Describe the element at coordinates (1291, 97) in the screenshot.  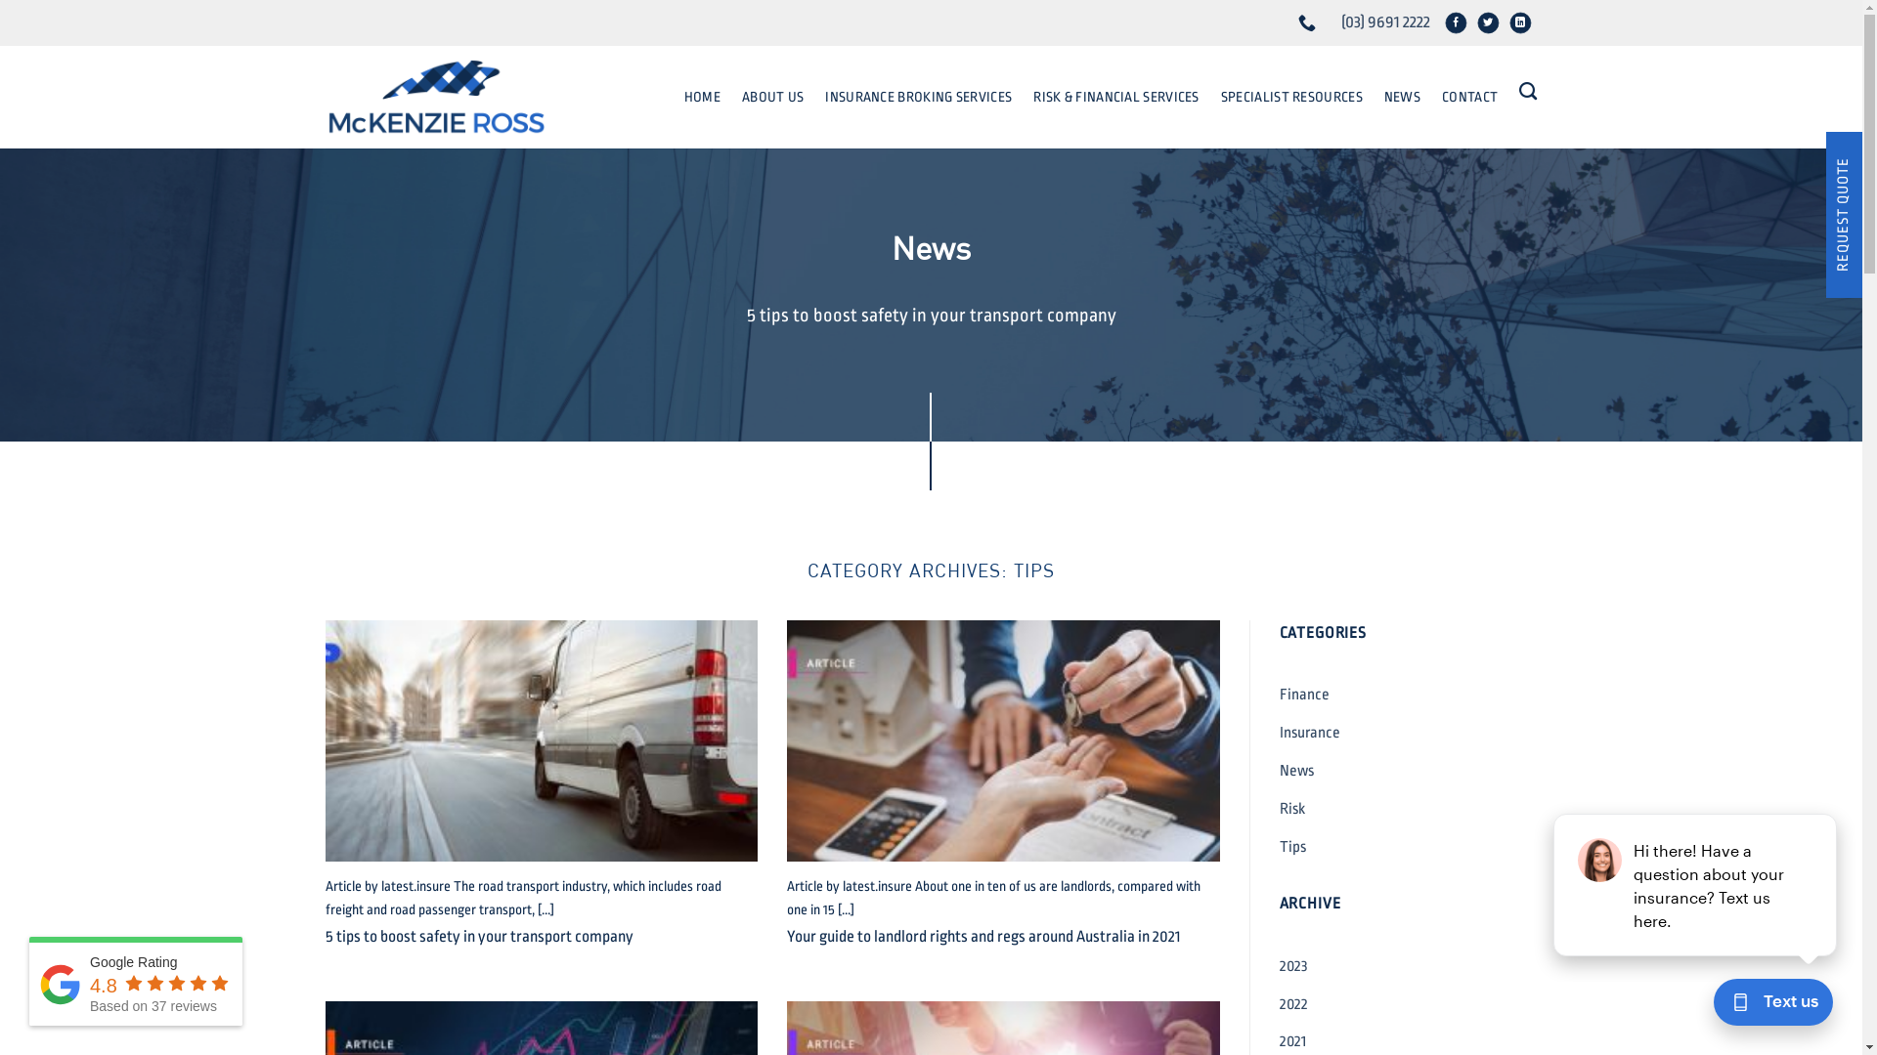
I see `'SPECIALIST RESOURCES'` at that location.